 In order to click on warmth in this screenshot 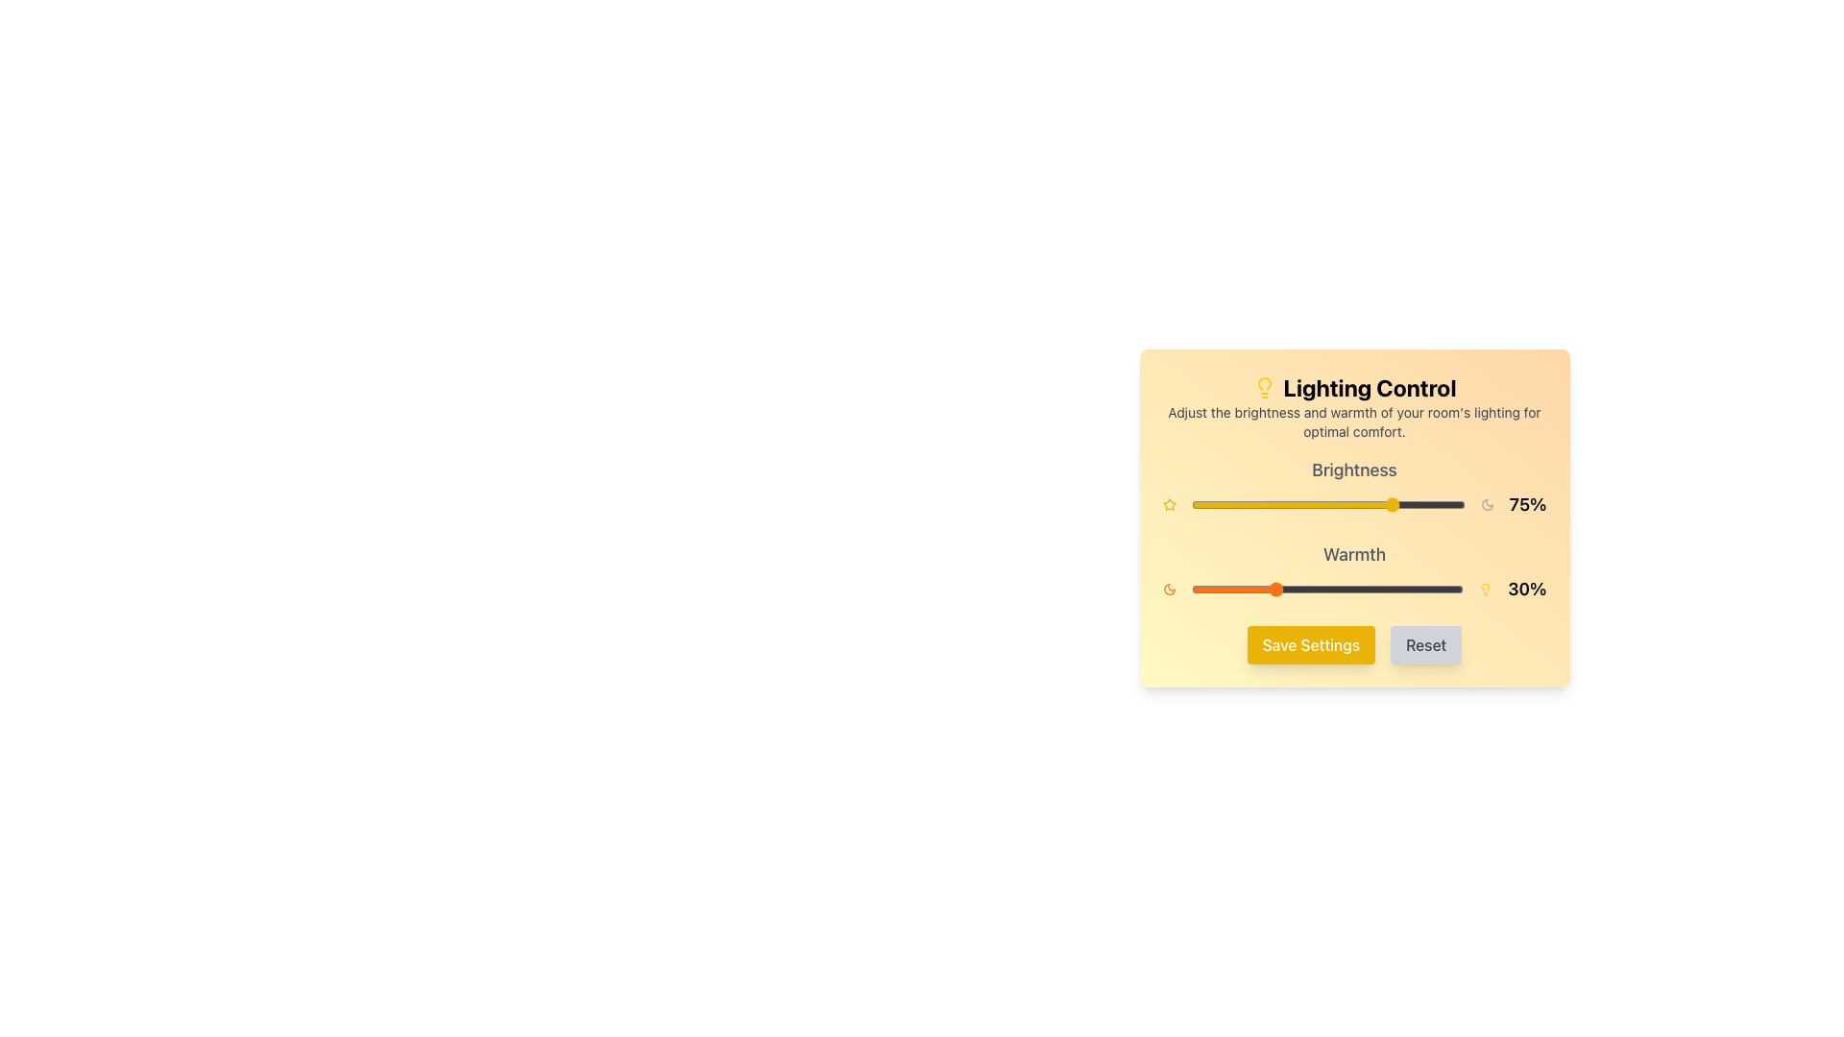, I will do `click(1348, 588)`.